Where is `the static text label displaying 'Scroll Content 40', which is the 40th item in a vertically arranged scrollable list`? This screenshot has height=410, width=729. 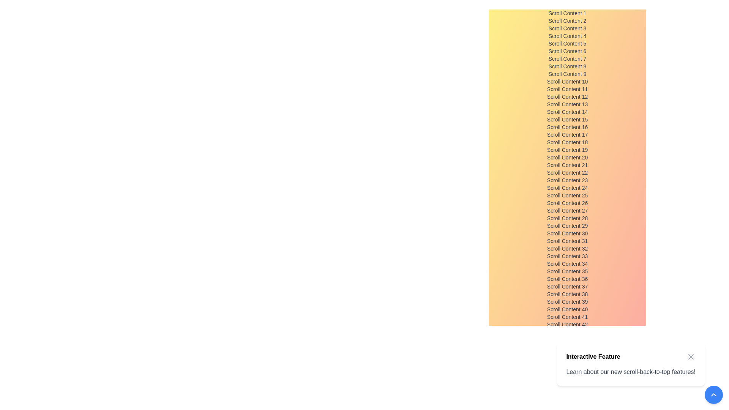
the static text label displaying 'Scroll Content 40', which is the 40th item in a vertically arranged scrollable list is located at coordinates (567, 309).